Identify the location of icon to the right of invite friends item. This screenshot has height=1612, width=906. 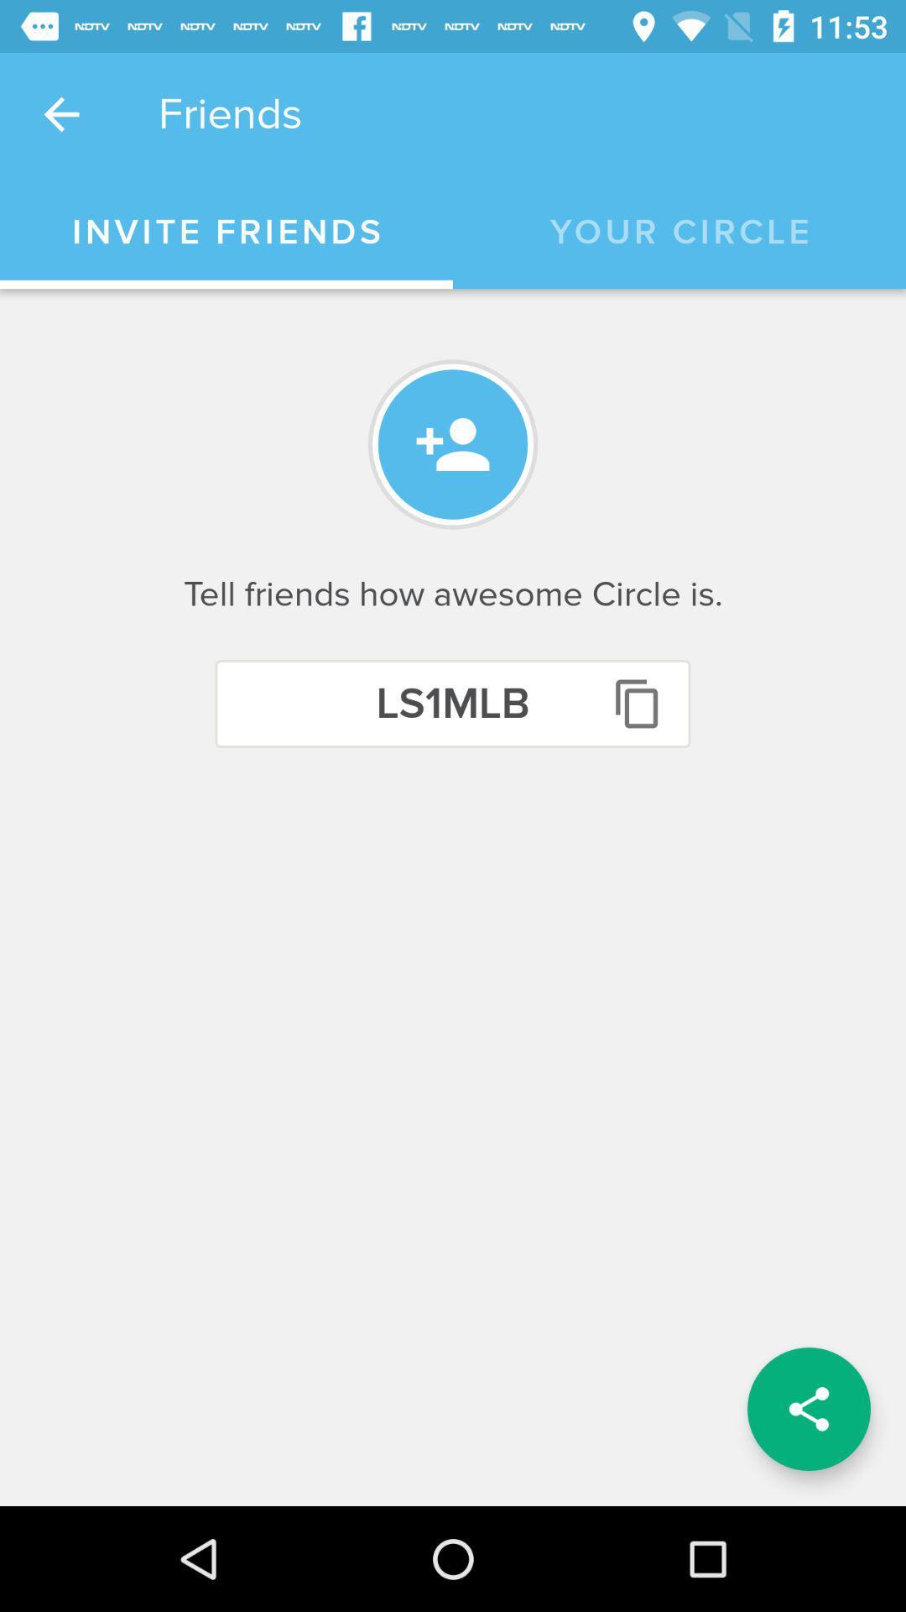
(679, 232).